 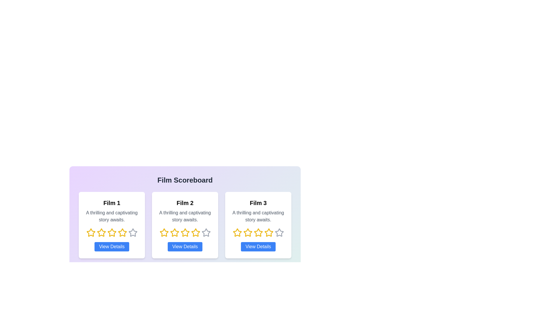 I want to click on the rating of a film to 4 stars by clicking on the corresponding star, so click(x=122, y=232).